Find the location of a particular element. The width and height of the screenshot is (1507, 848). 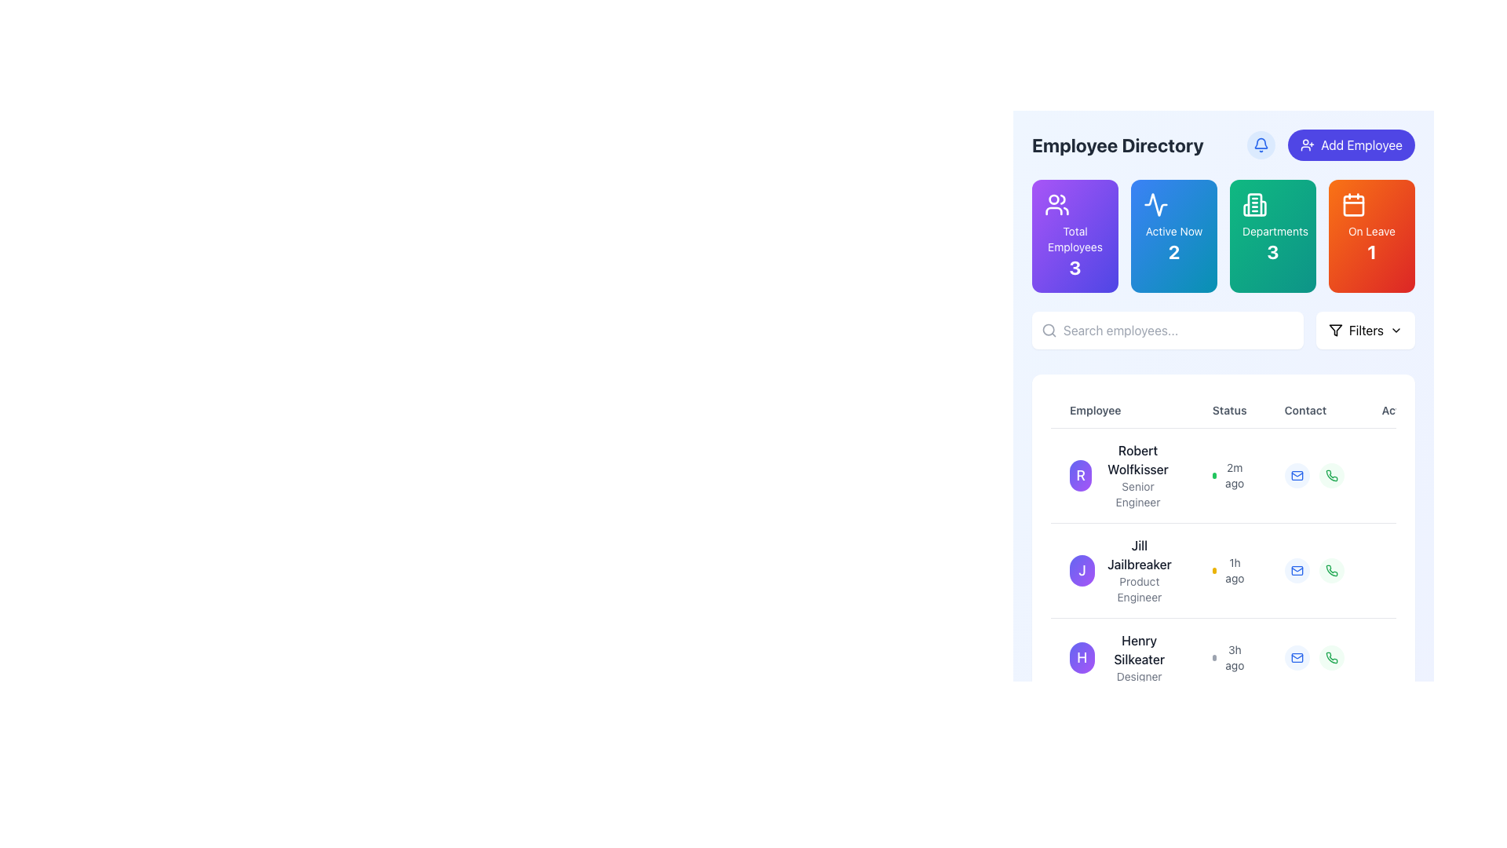

the filter icon, which is a compact SVG graphic styled with clean, sharp lines and positioned within the 'Filters' button adjacent to the text 'Filters' is located at coordinates (1334, 329).